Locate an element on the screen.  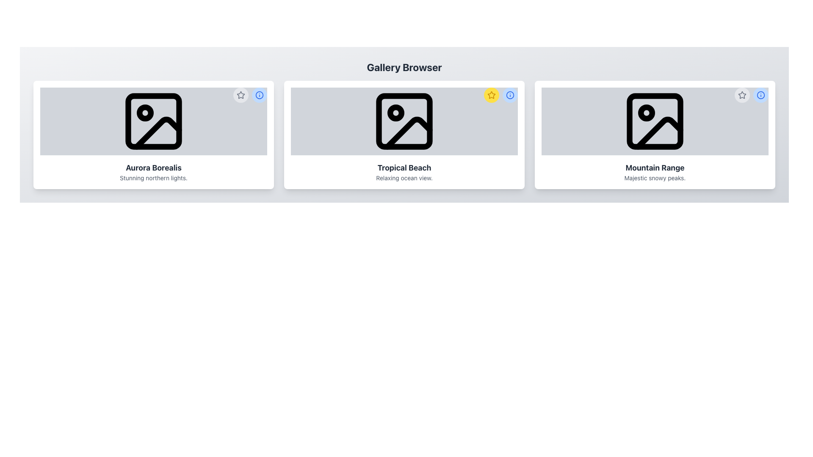
the circular light blue button with an 'i' icon located at the top-right corner of the 'Mountain Range' card is located at coordinates (760, 95).